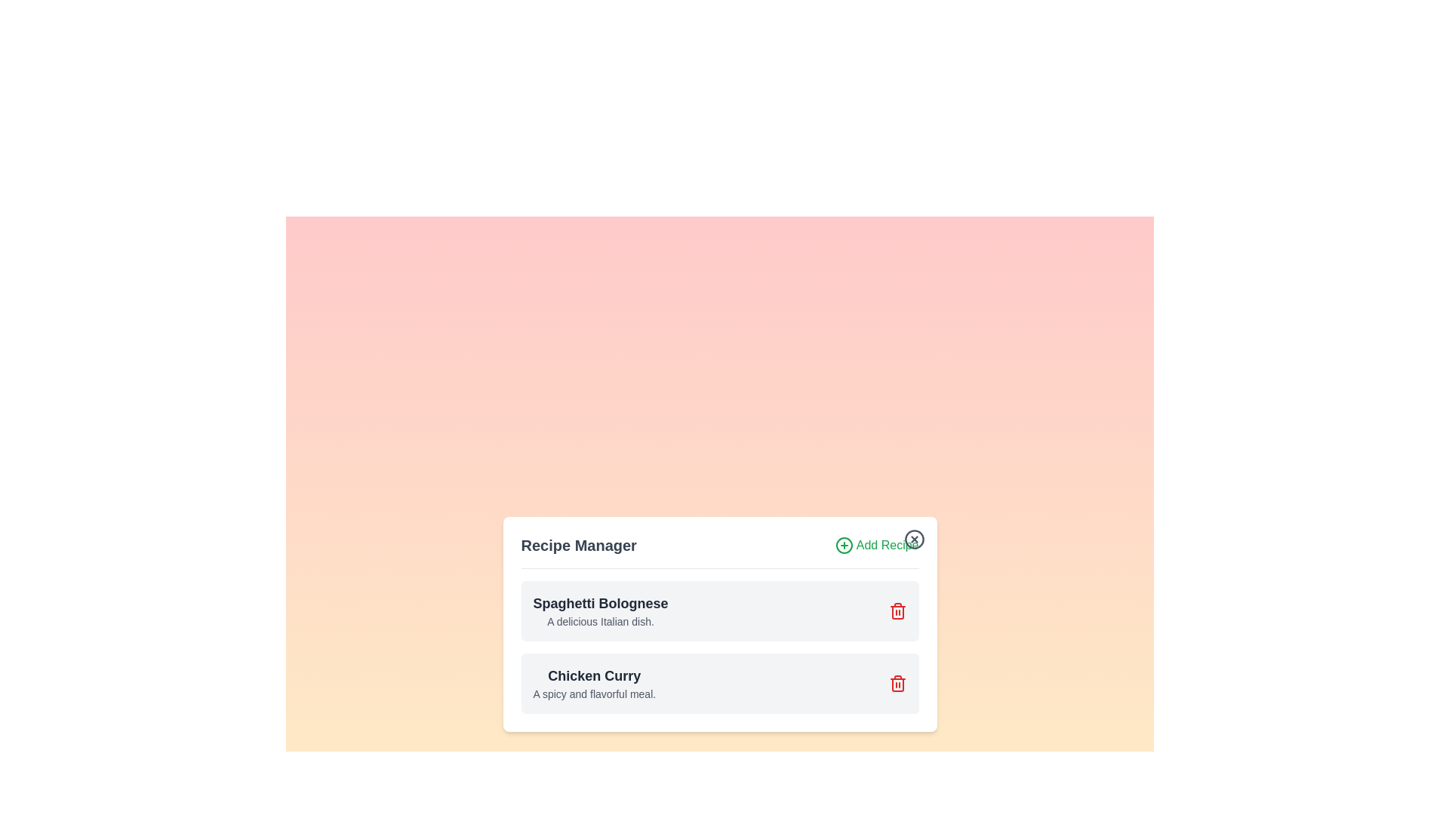 This screenshot has height=815, width=1449. What do you see at coordinates (600, 610) in the screenshot?
I see `text content of the Text block displaying the title and subtitle of a recipe item located in the first card of the Recipe Manager interface, positioned above the 'Chicken Curry' card` at bounding box center [600, 610].